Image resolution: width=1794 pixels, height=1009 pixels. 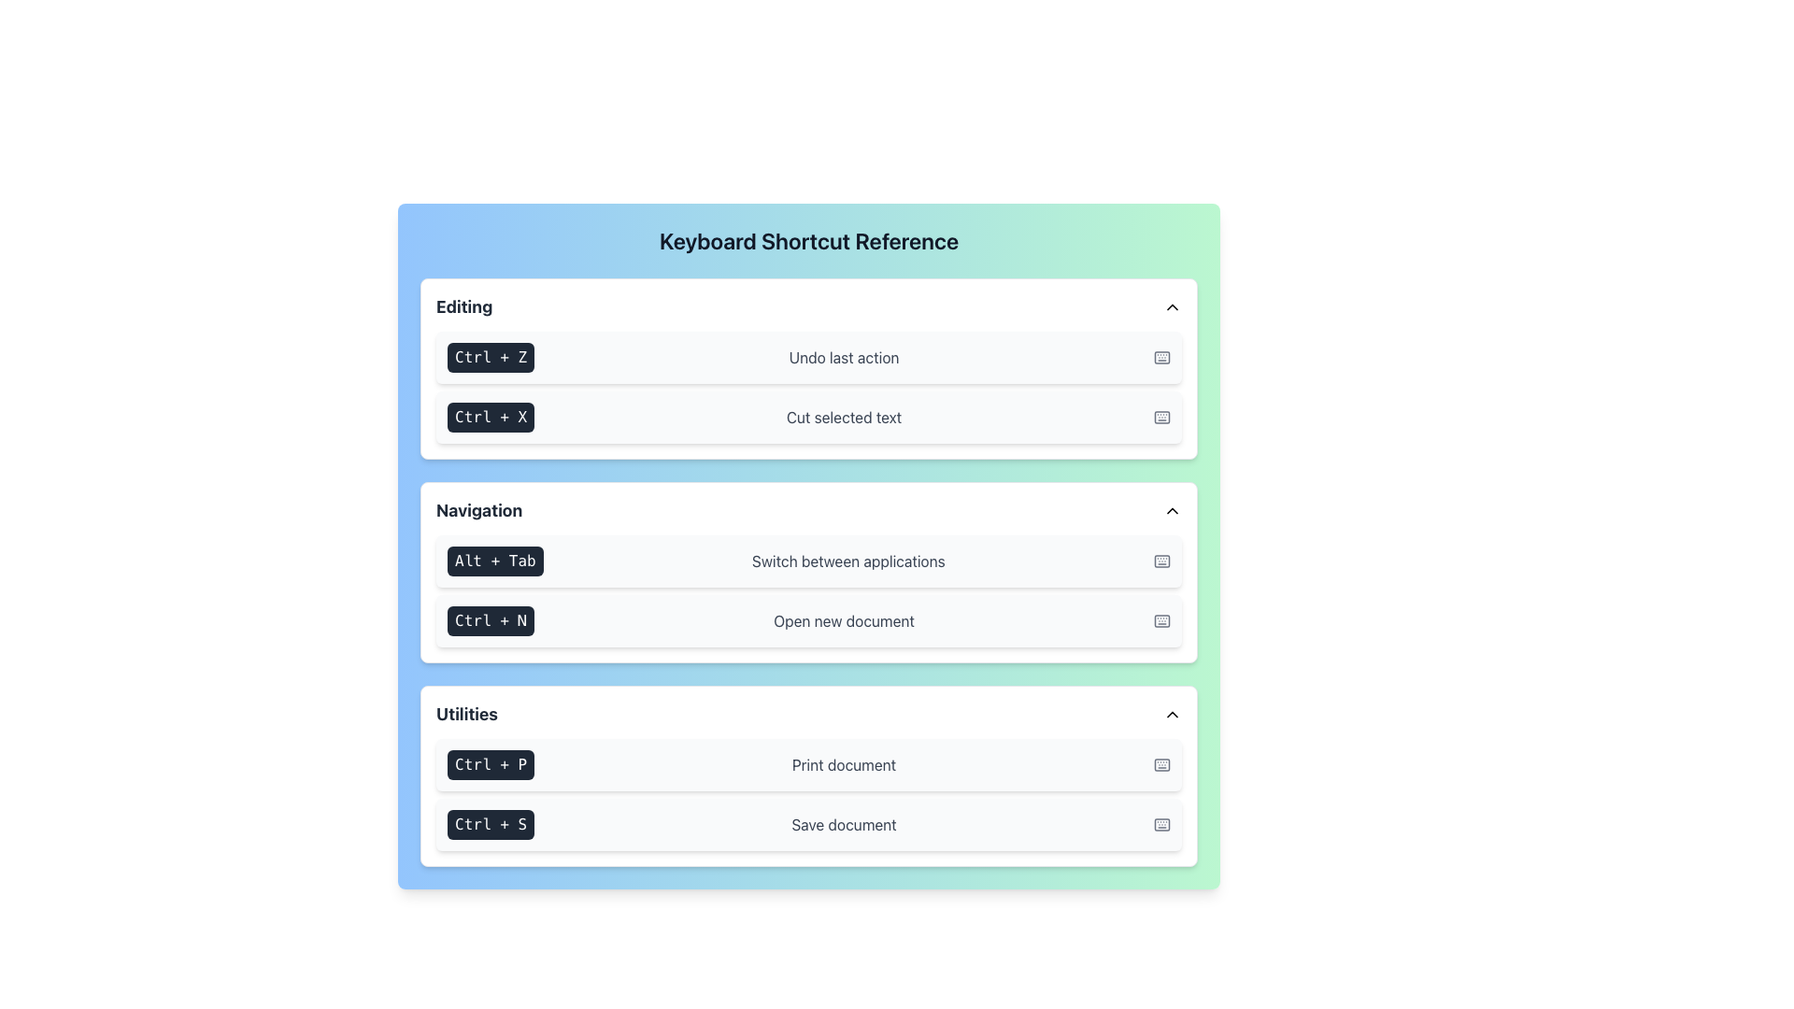 What do you see at coordinates (1171, 306) in the screenshot?
I see `the upward-pointing icon located at the top-right corner of the 'Editing' section header` at bounding box center [1171, 306].